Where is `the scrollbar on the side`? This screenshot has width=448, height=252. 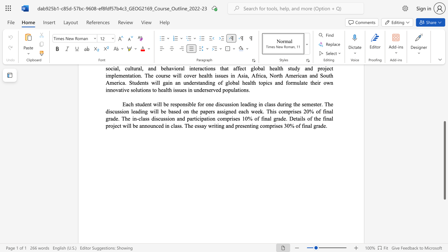
the scrollbar on the side is located at coordinates (444, 98).